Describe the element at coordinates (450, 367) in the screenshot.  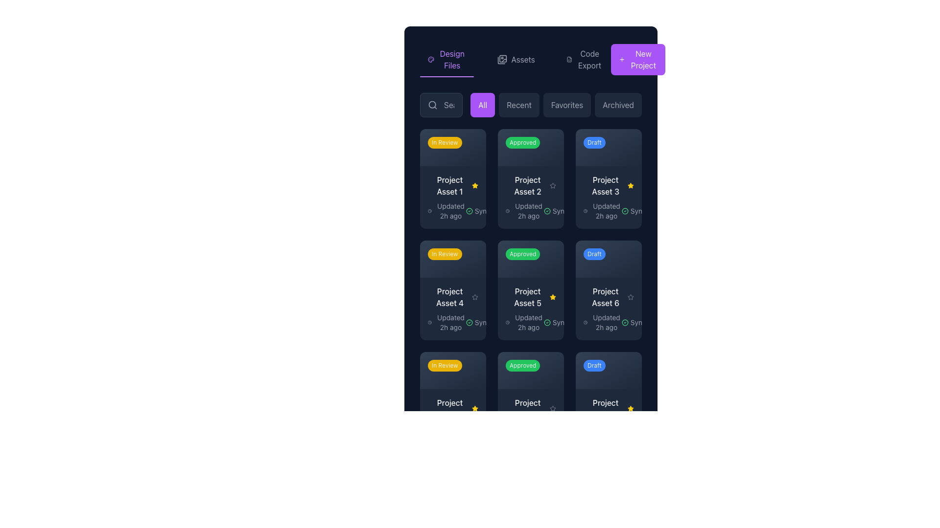
I see `the status information of the oval badge with a bright yellow background and 'In Review' text located in the lower section of the card labeled 'Project Asset 4'` at that location.